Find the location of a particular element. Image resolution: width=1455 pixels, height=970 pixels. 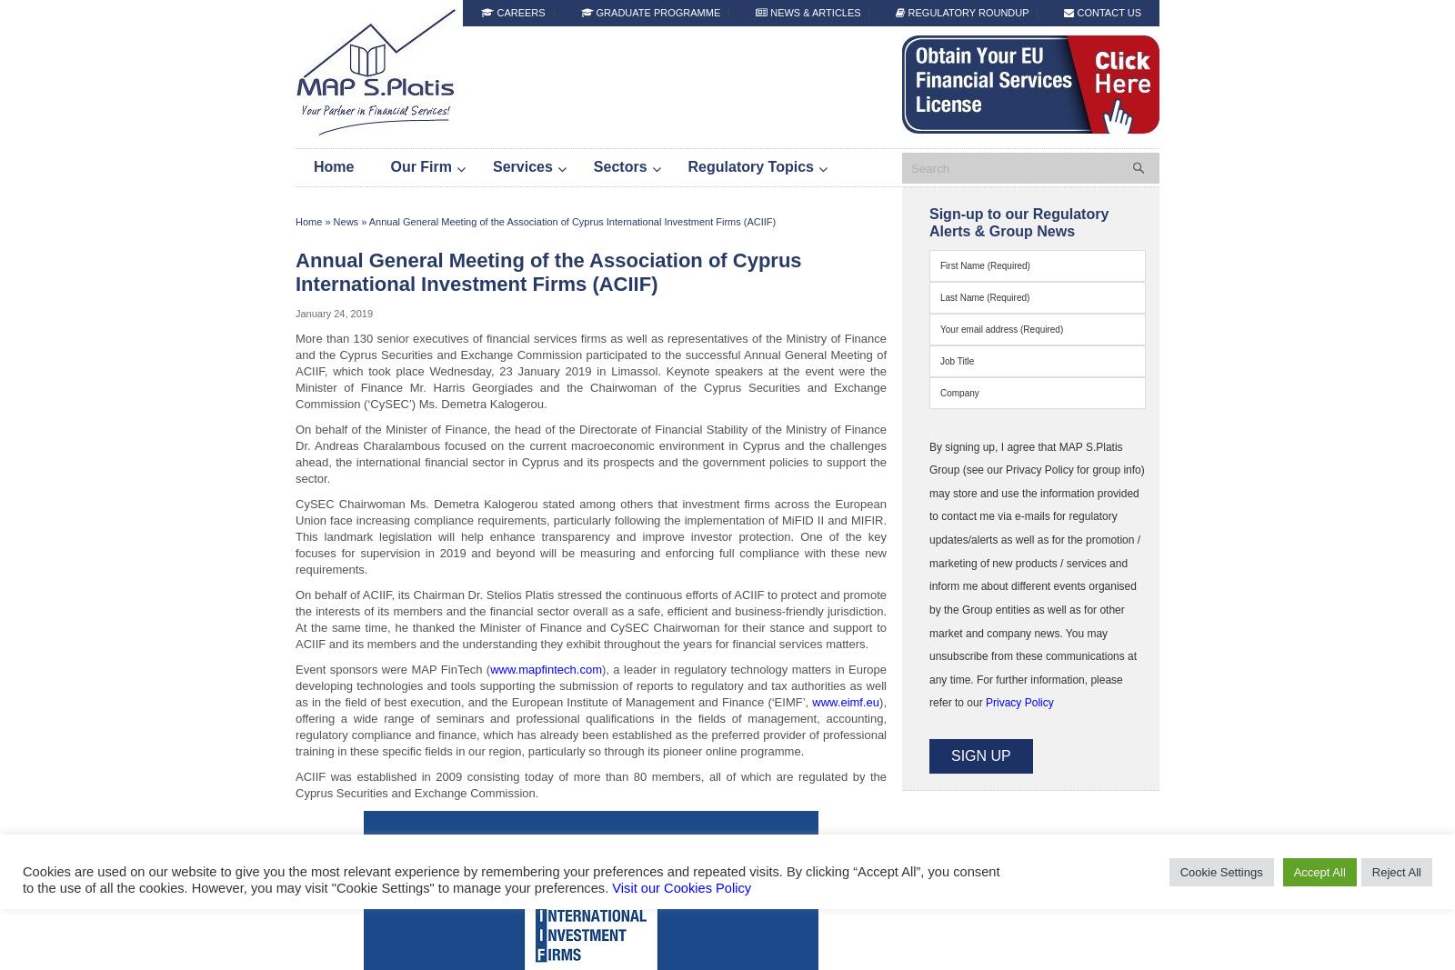

'News & Articles' is located at coordinates (813, 11).